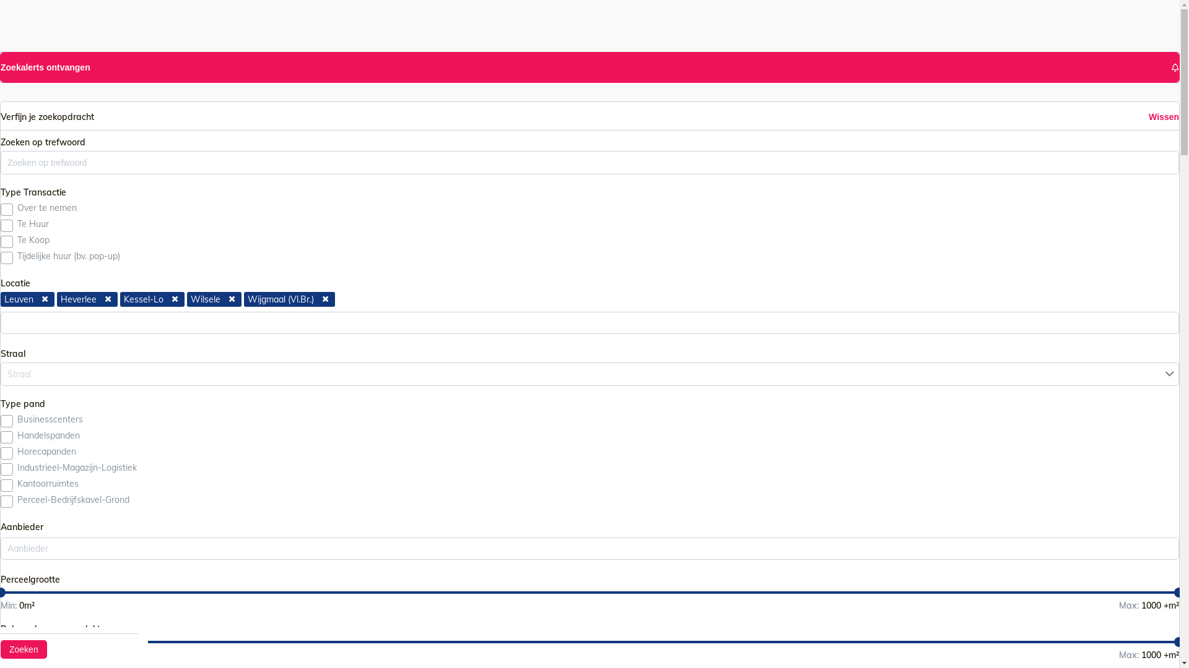 Image resolution: width=1189 pixels, height=668 pixels. I want to click on 'Zoeken', so click(24, 648).